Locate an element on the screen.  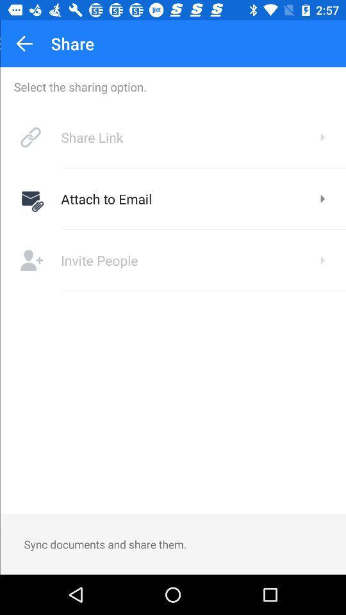
go back is located at coordinates (24, 44).